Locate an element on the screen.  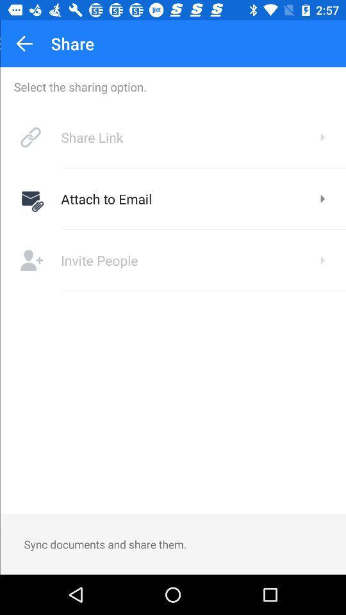
go back is located at coordinates (24, 44).